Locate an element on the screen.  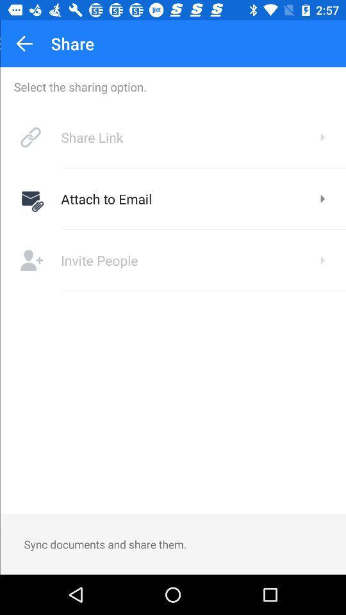
go back is located at coordinates (24, 44).